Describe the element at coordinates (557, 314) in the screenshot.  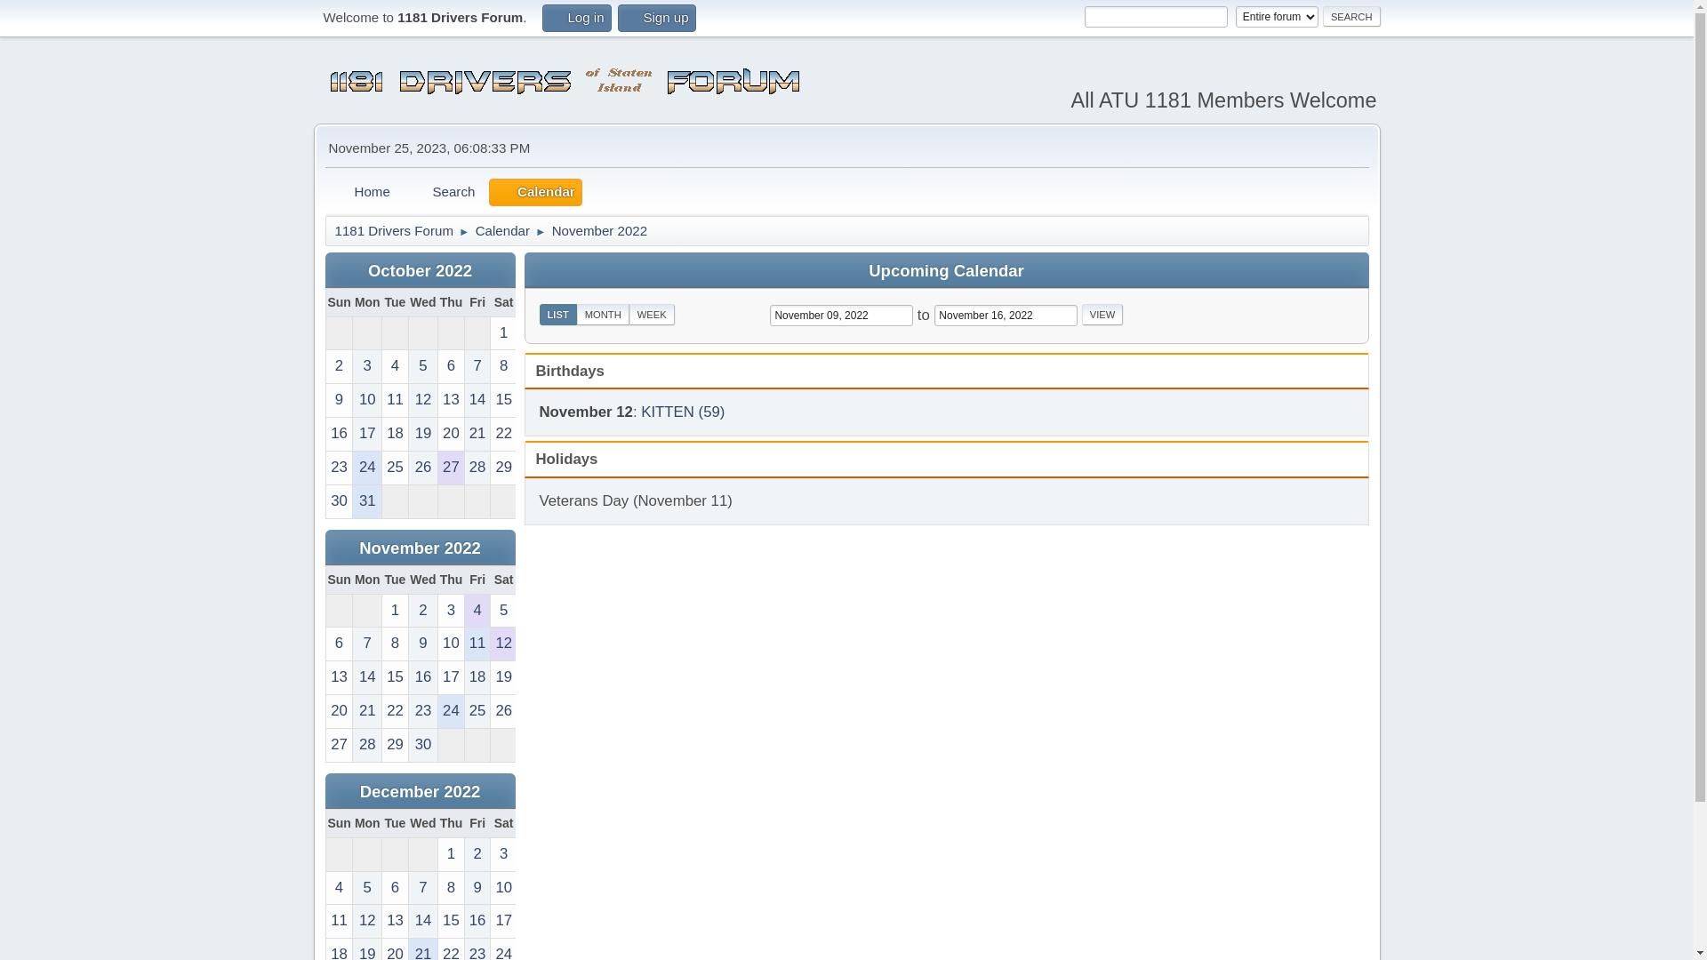
I see `'LIST'` at that location.